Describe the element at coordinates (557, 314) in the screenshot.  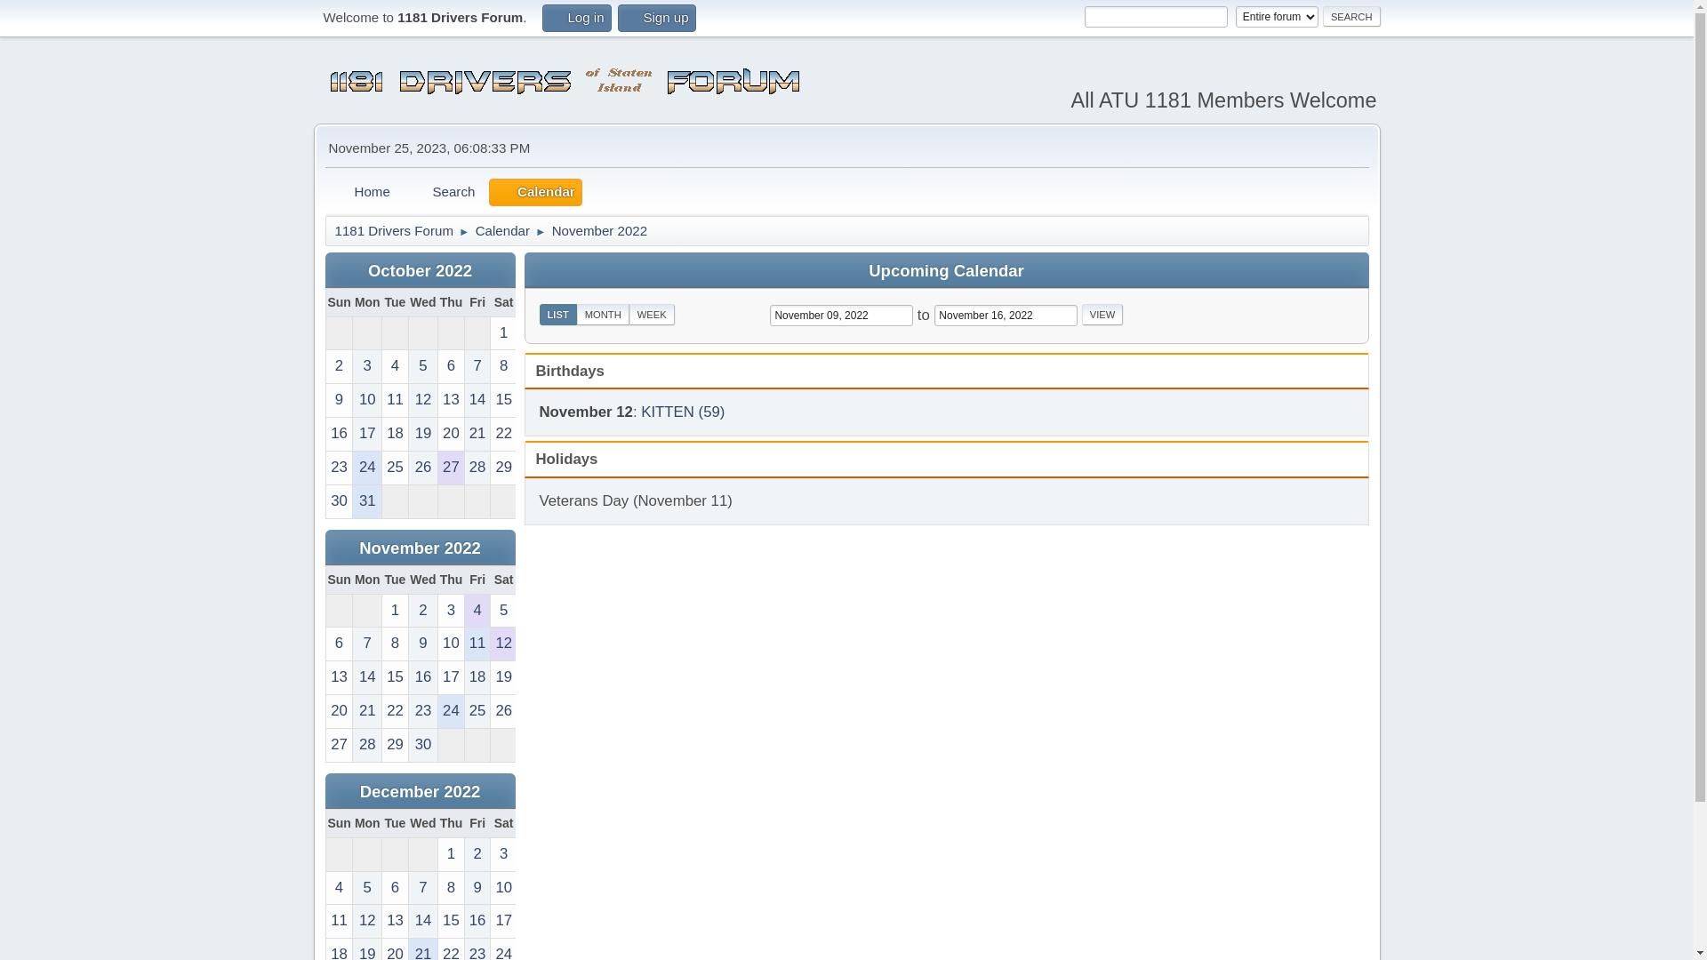
I see `'LIST'` at that location.